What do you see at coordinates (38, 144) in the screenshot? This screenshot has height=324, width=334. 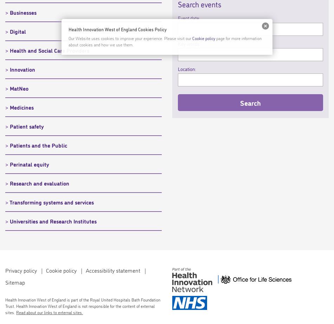 I see `'Patients and the Public'` at bounding box center [38, 144].